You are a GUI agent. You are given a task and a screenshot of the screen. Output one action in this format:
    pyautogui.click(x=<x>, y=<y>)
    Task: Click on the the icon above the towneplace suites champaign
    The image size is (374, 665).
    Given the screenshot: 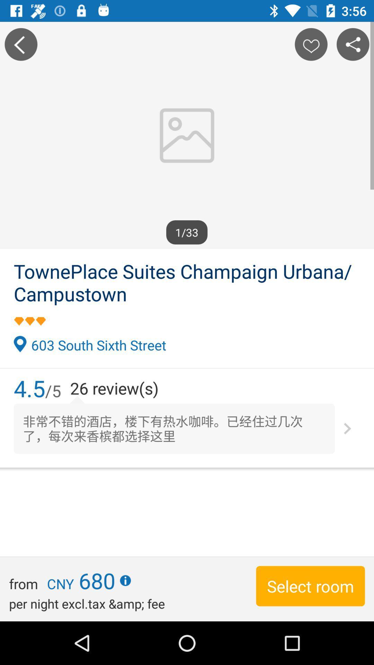 What is the action you would take?
    pyautogui.click(x=353, y=44)
    